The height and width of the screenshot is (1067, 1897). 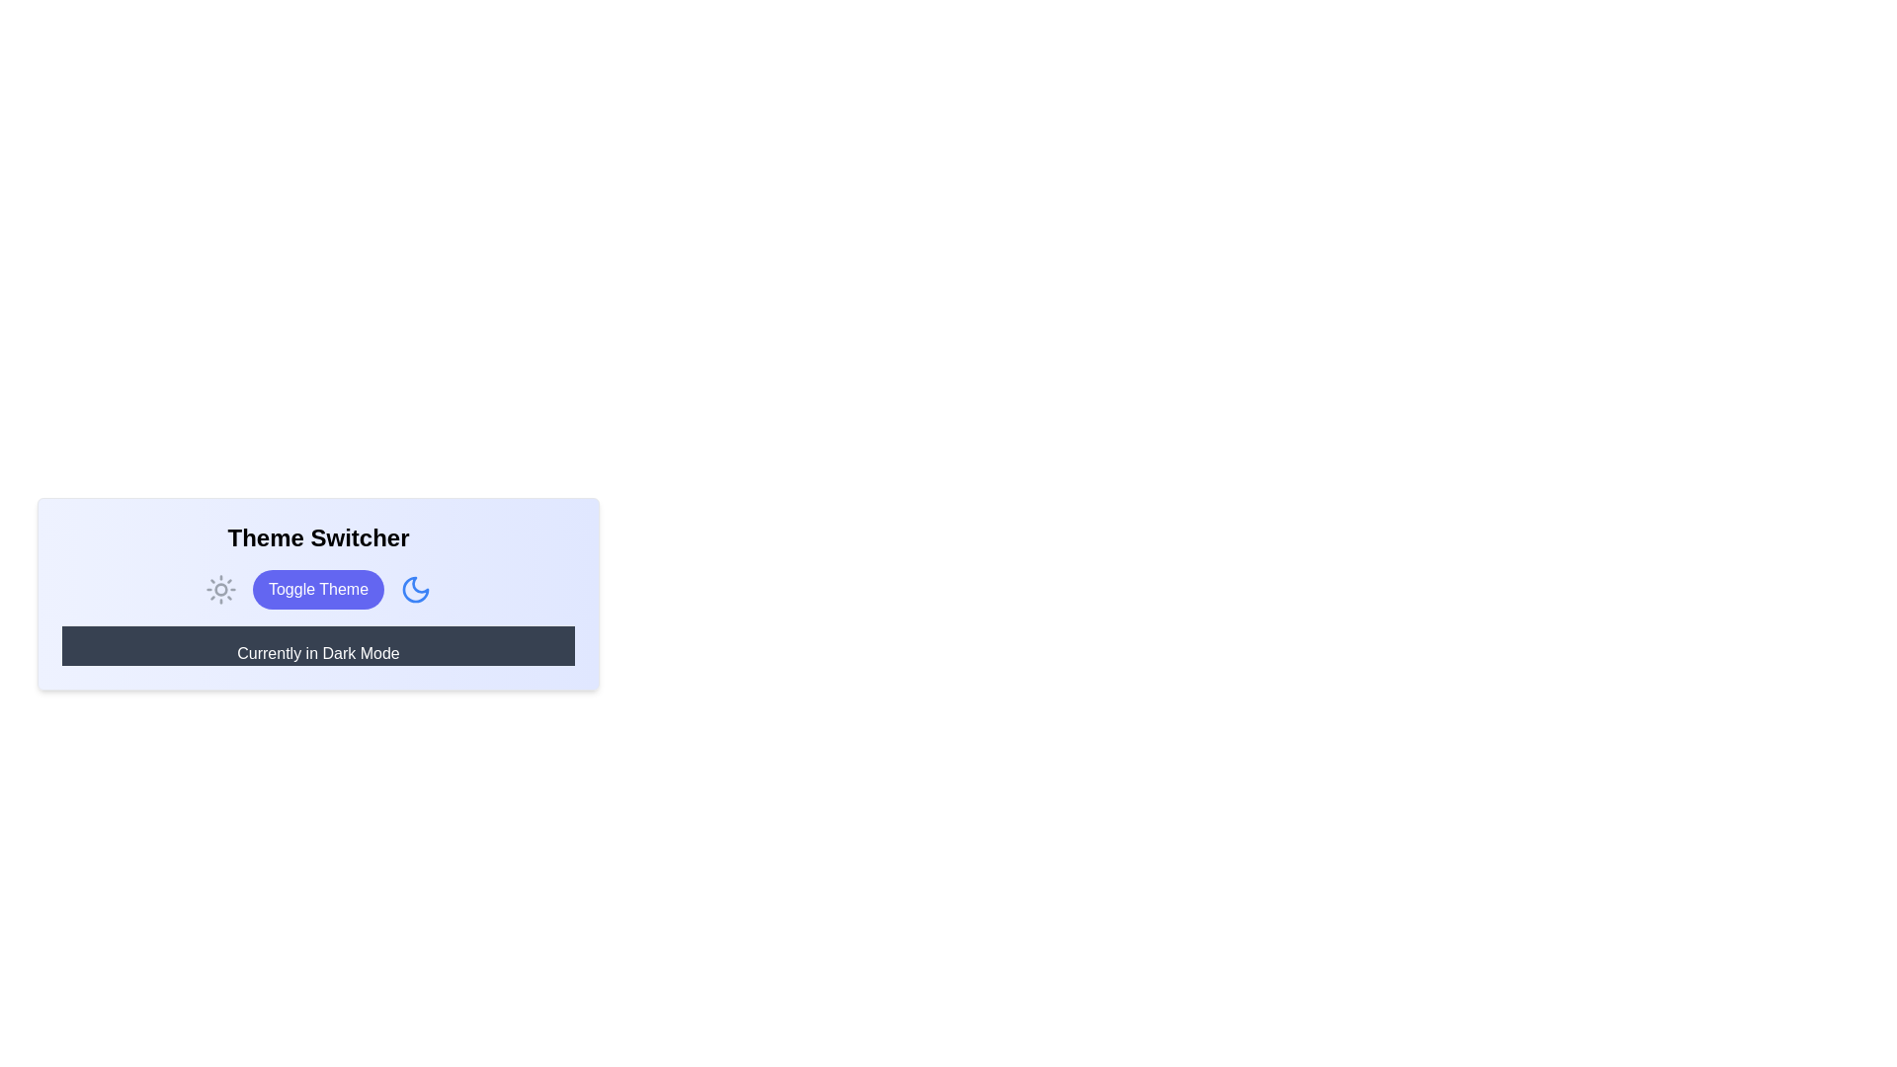 What do you see at coordinates (220, 589) in the screenshot?
I see `the central circular part of the sun icon located to the left of the 'Toggle Theme' button` at bounding box center [220, 589].